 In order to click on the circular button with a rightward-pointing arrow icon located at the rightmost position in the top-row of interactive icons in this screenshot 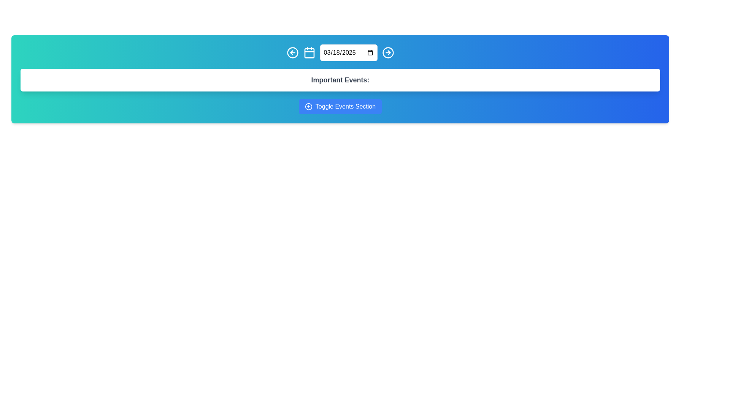, I will do `click(388, 52)`.